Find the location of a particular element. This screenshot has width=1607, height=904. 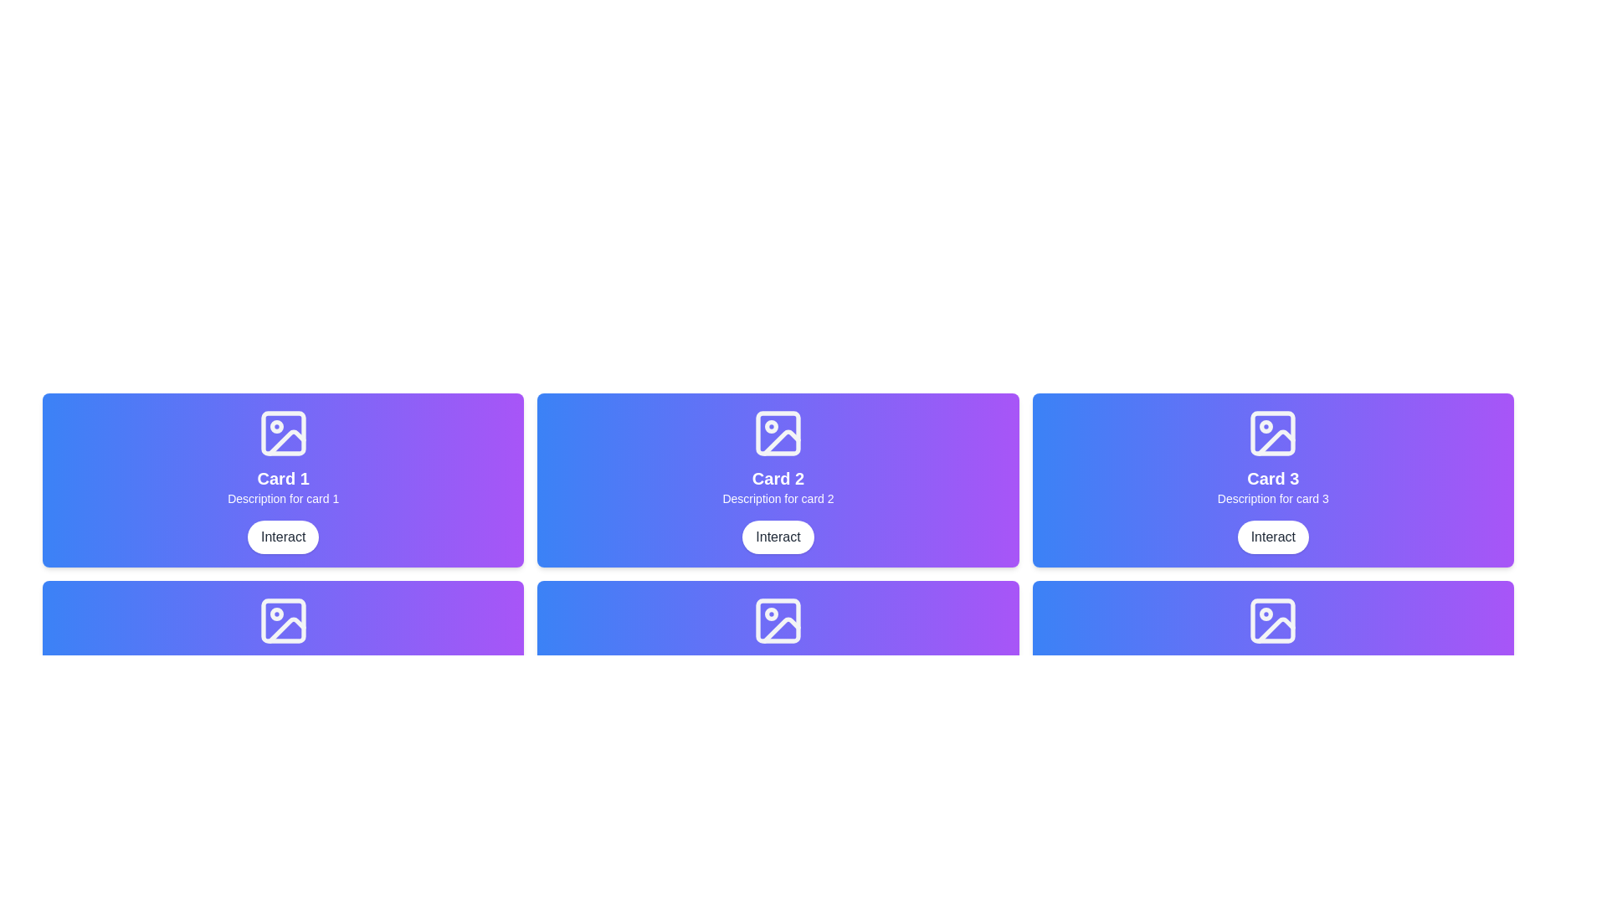

the text label that says 'Description for card 2', which is styled with a smaller font size and is positioned within the second card below the header 'Card 2' is located at coordinates (778, 498).